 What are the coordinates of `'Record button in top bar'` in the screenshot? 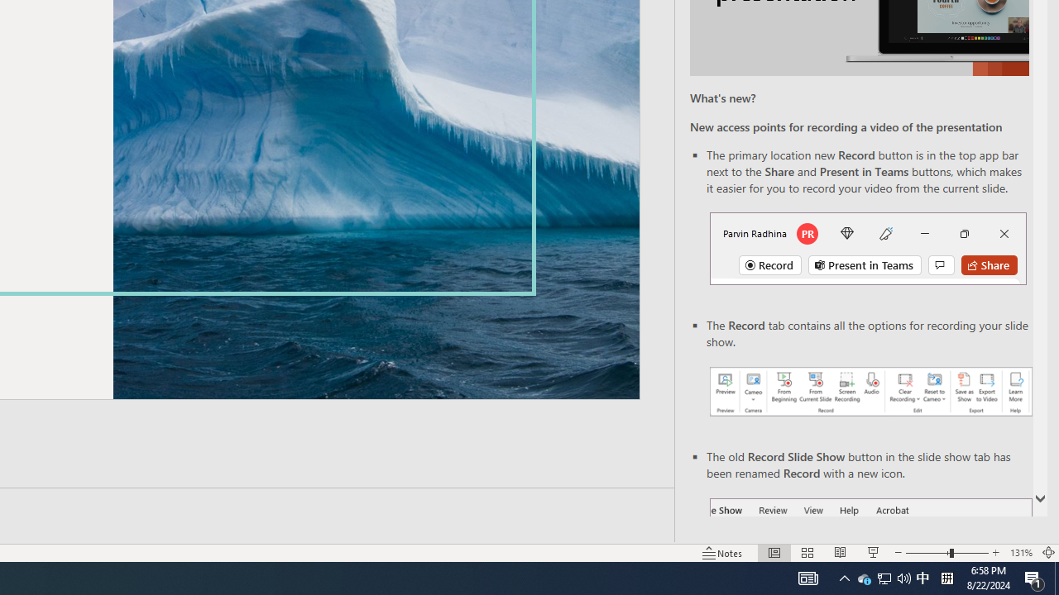 It's located at (867, 248).